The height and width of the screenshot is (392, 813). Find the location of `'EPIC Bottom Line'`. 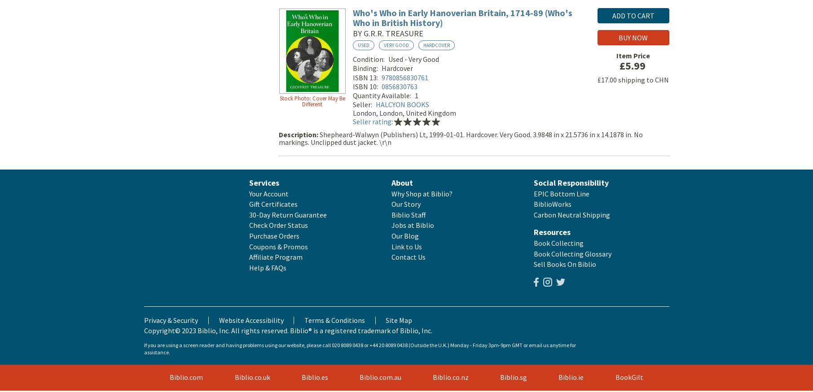

'EPIC Bottom Line' is located at coordinates (562, 195).